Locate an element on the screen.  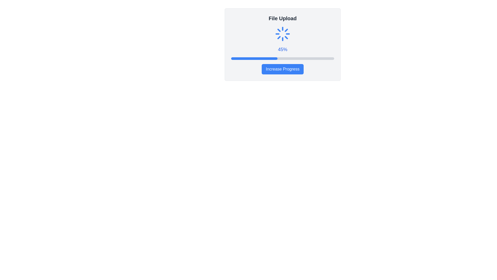
the first segment of the blue progress bar, which is rounded at the edges and represents approximately 45% of the total bar length, located centrally under a label and spinner within a card layout is located at coordinates (254, 58).